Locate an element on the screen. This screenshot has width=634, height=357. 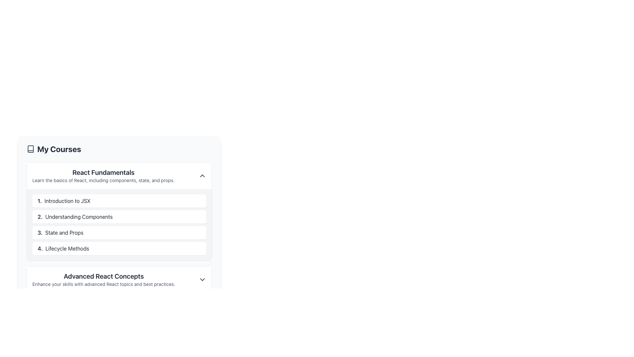
text label that displays 'Introduction to JSX', which is styled in gray and positioned as the first item in the list under the 'React Fundamentals' section is located at coordinates (67, 201).